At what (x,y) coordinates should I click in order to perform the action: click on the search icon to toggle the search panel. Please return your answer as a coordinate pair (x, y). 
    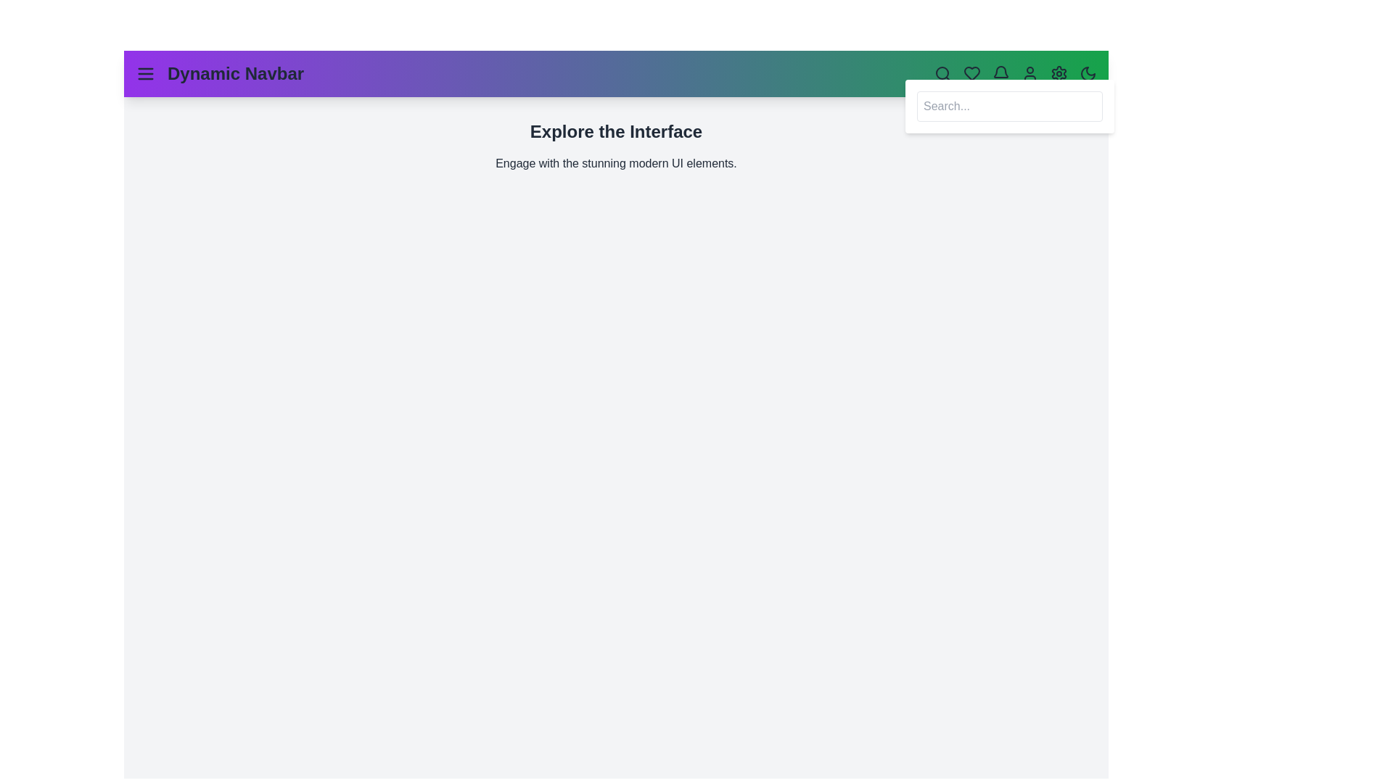
    Looking at the image, I should click on (943, 73).